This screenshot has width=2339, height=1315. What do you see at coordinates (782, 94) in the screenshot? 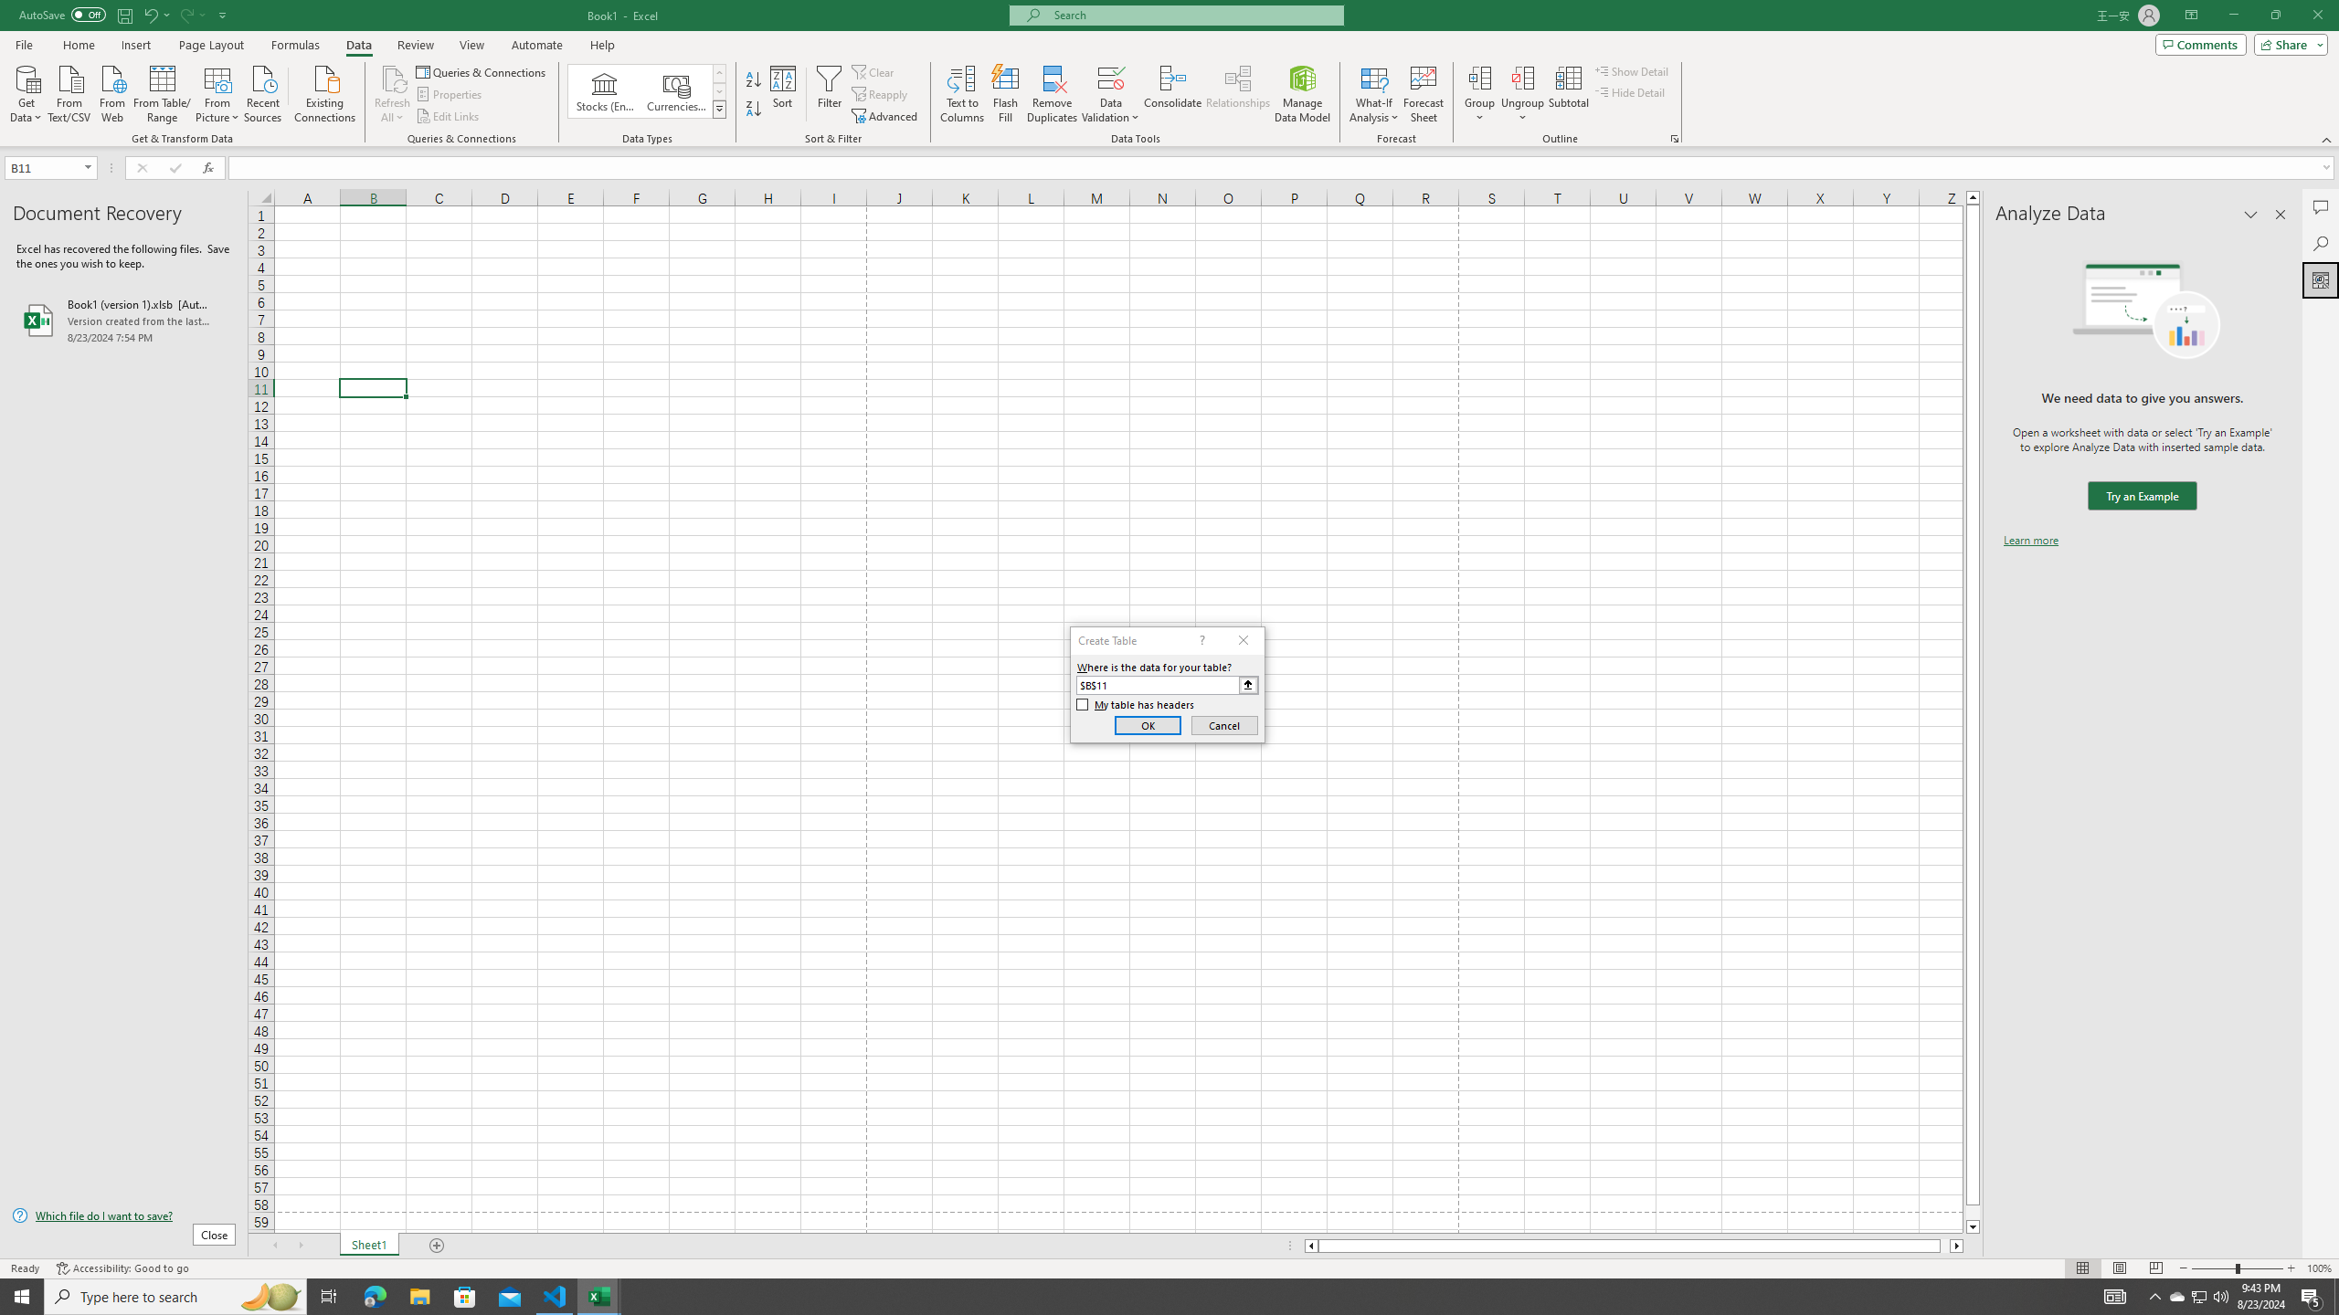
I see `'Sort...'` at bounding box center [782, 94].